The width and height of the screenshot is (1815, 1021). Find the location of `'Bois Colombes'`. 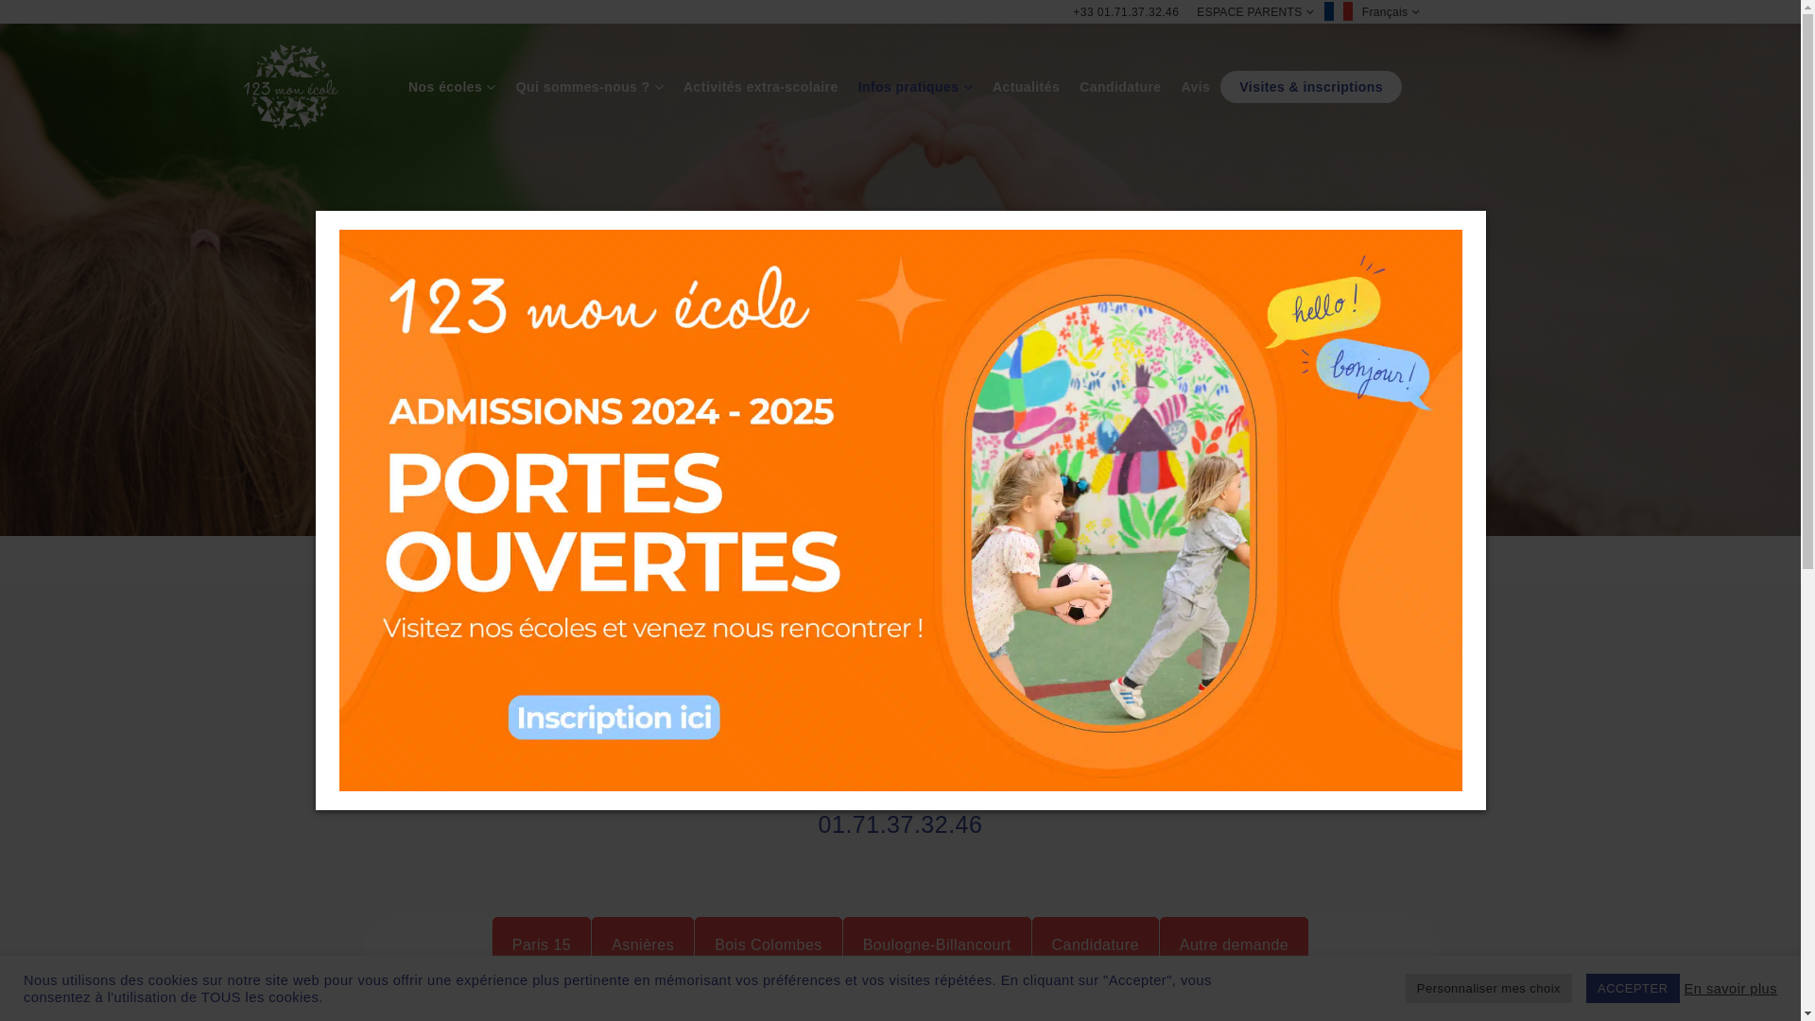

'Bois Colombes' is located at coordinates (768, 944).